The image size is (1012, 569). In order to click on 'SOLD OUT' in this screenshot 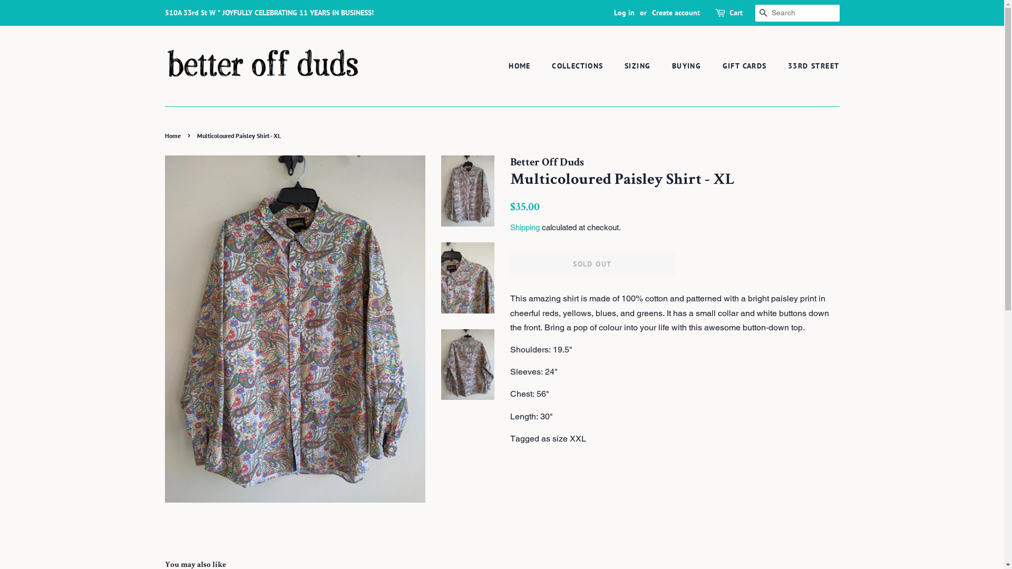, I will do `click(592, 263)`.